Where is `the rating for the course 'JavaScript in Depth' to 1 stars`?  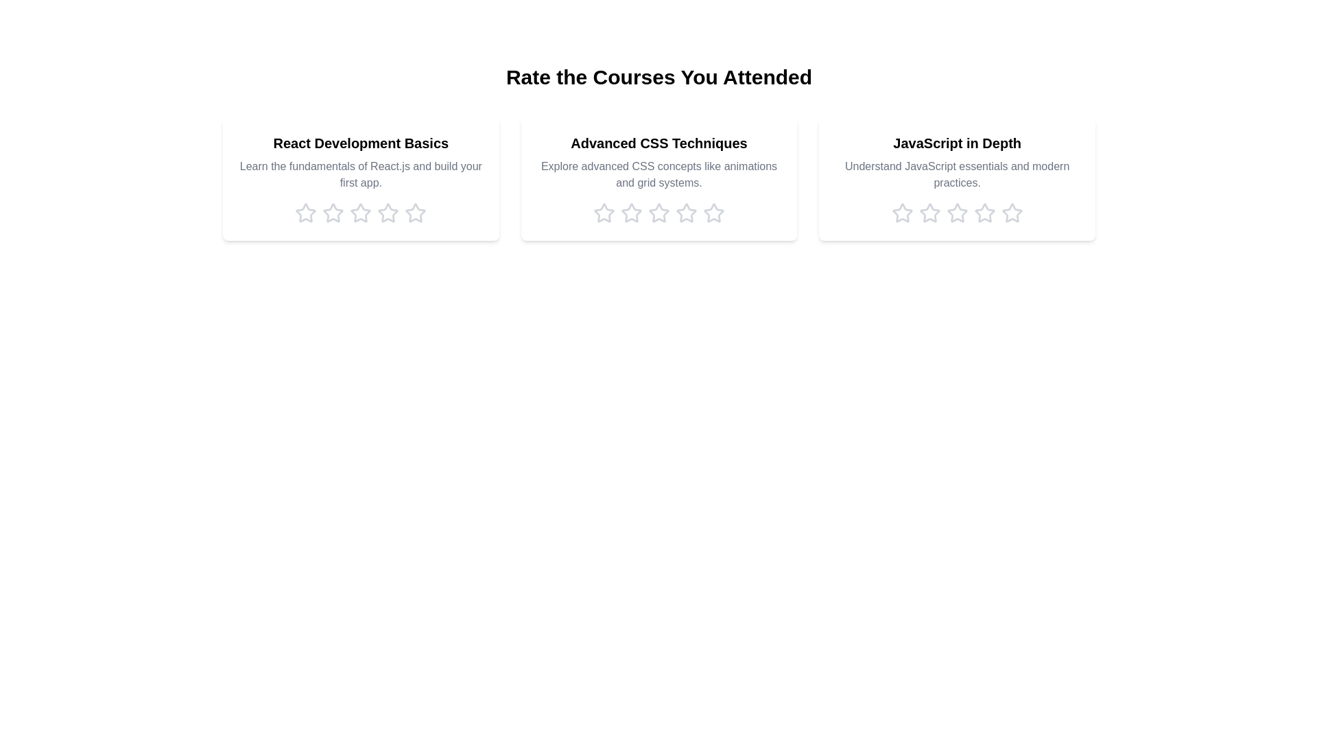
the rating for the course 'JavaScript in Depth' to 1 stars is located at coordinates (902, 213).